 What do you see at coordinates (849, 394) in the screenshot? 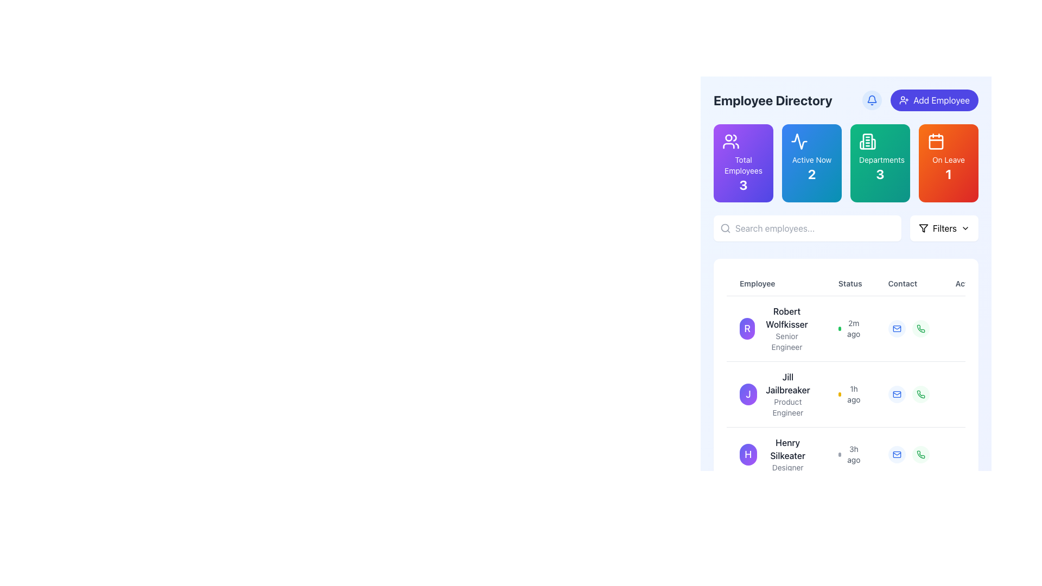
I see `the Text Display element that shows '1h ago' with a small yellow circular icon, located in the second row of the employee list under the 'Status' column` at bounding box center [849, 394].